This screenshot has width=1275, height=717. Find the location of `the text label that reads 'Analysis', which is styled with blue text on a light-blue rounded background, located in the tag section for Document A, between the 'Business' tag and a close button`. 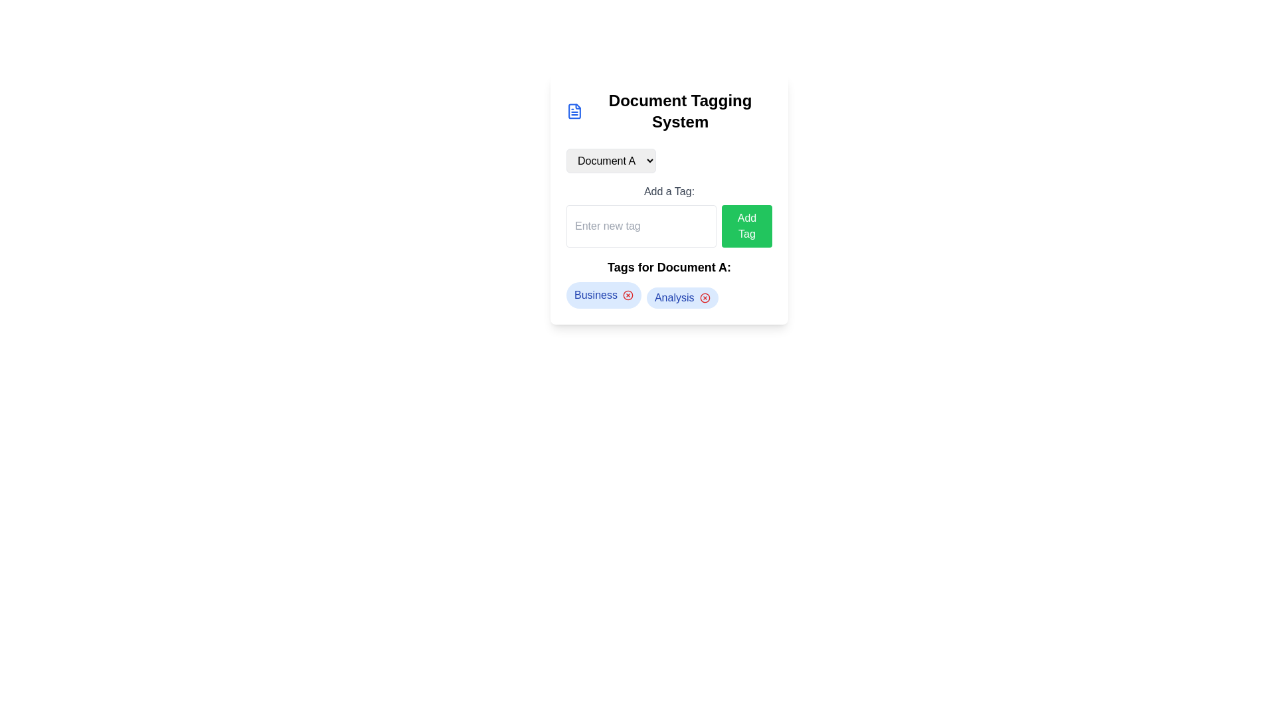

the text label that reads 'Analysis', which is styled with blue text on a light-blue rounded background, located in the tag section for Document A, between the 'Business' tag and a close button is located at coordinates (674, 297).